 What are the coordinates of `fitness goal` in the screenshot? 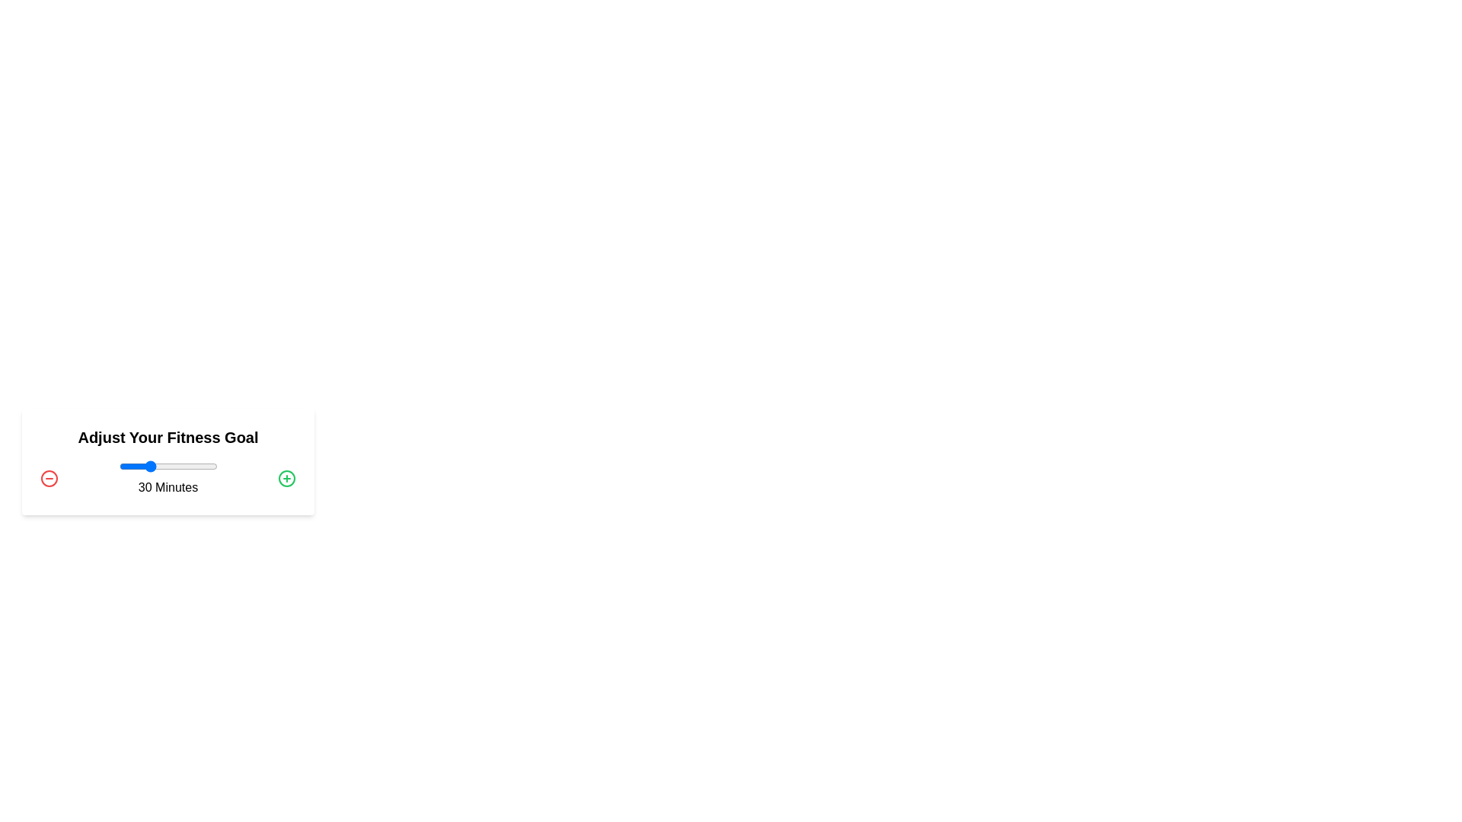 It's located at (143, 466).